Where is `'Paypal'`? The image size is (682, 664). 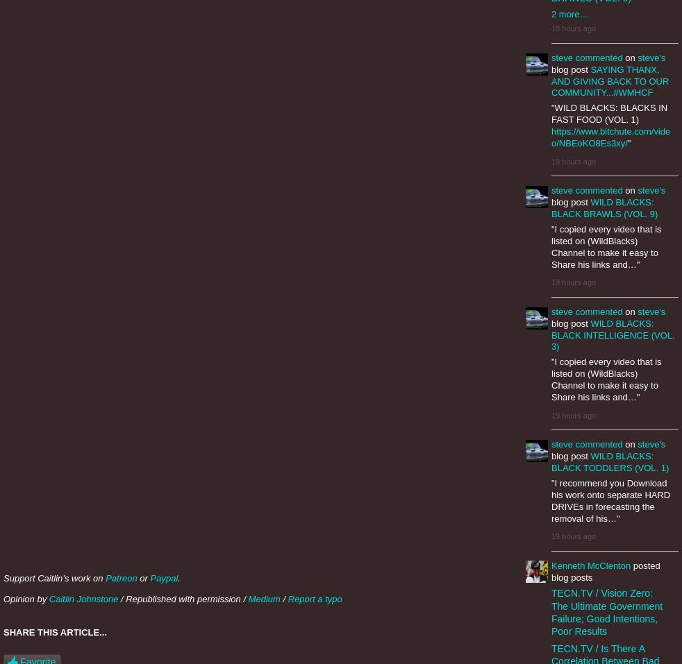
'Paypal' is located at coordinates (163, 577).